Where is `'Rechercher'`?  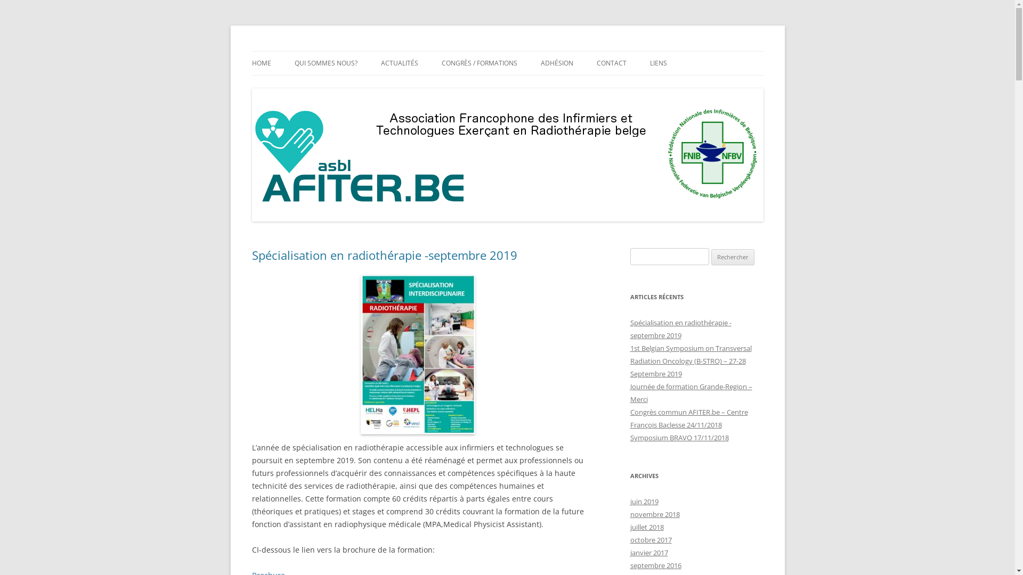 'Rechercher' is located at coordinates (732, 257).